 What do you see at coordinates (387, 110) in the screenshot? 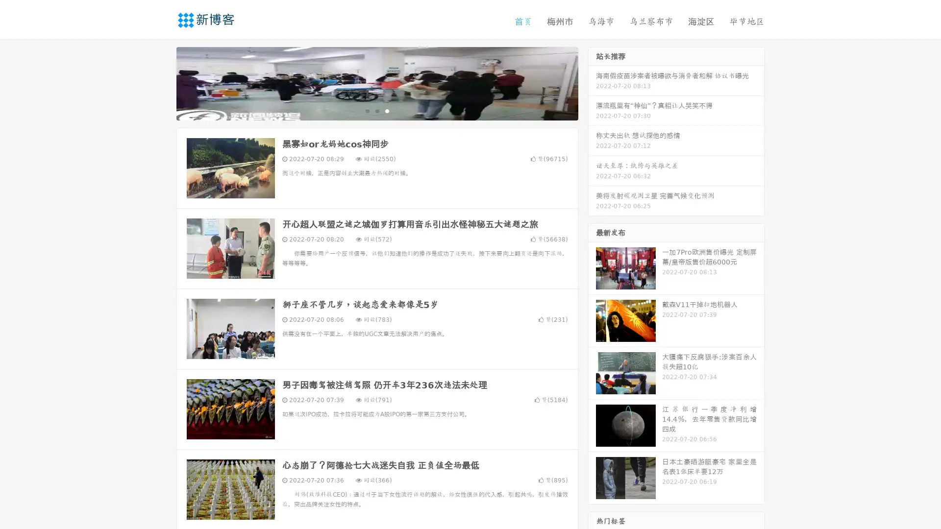
I see `Go to slide 3` at bounding box center [387, 110].